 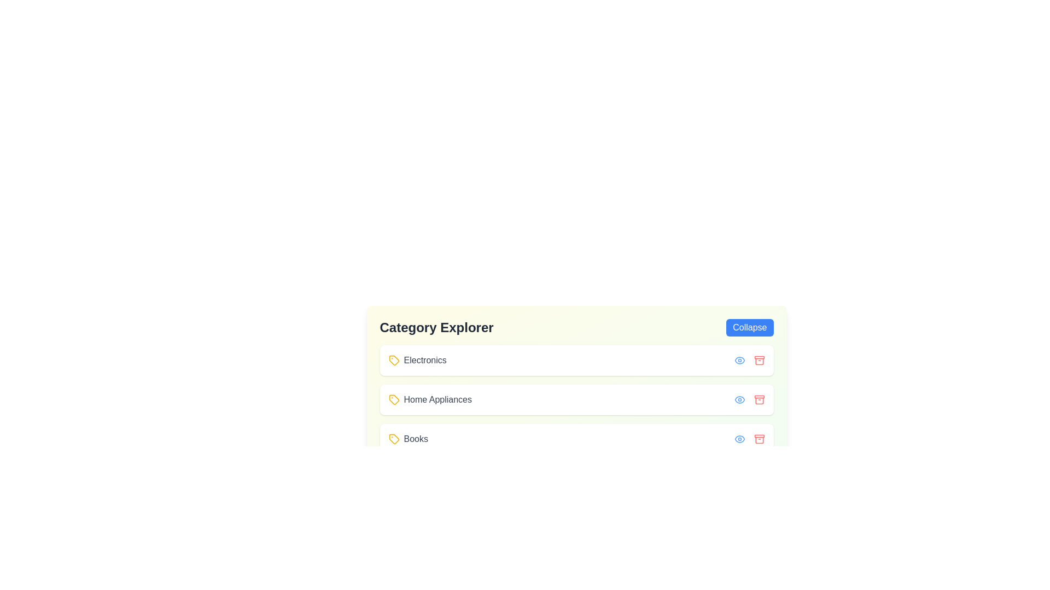 I want to click on the 'Electronics' category icon, which is the first of three similar tag icons located to the left of the text labels under the 'Category Explorer' header, so click(x=394, y=360).